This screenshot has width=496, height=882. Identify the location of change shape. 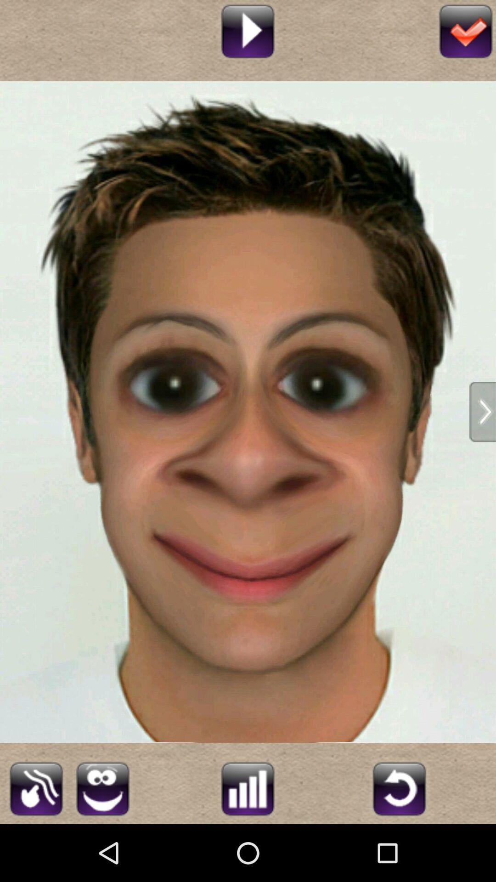
(36, 787).